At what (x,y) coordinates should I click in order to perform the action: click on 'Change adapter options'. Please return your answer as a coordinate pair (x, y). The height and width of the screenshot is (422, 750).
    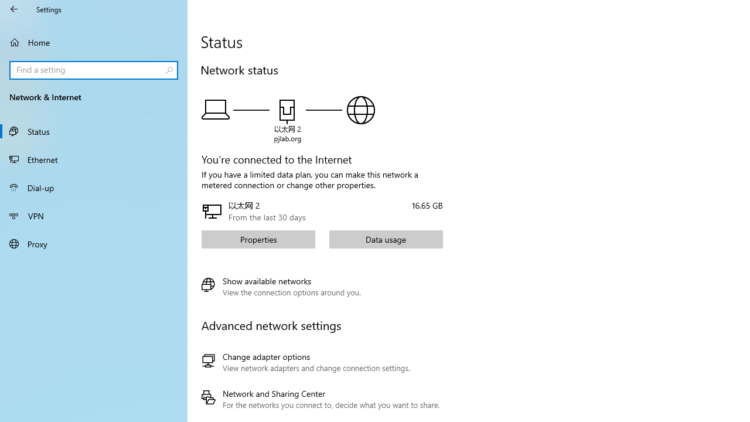
    Looking at the image, I should click on (321, 362).